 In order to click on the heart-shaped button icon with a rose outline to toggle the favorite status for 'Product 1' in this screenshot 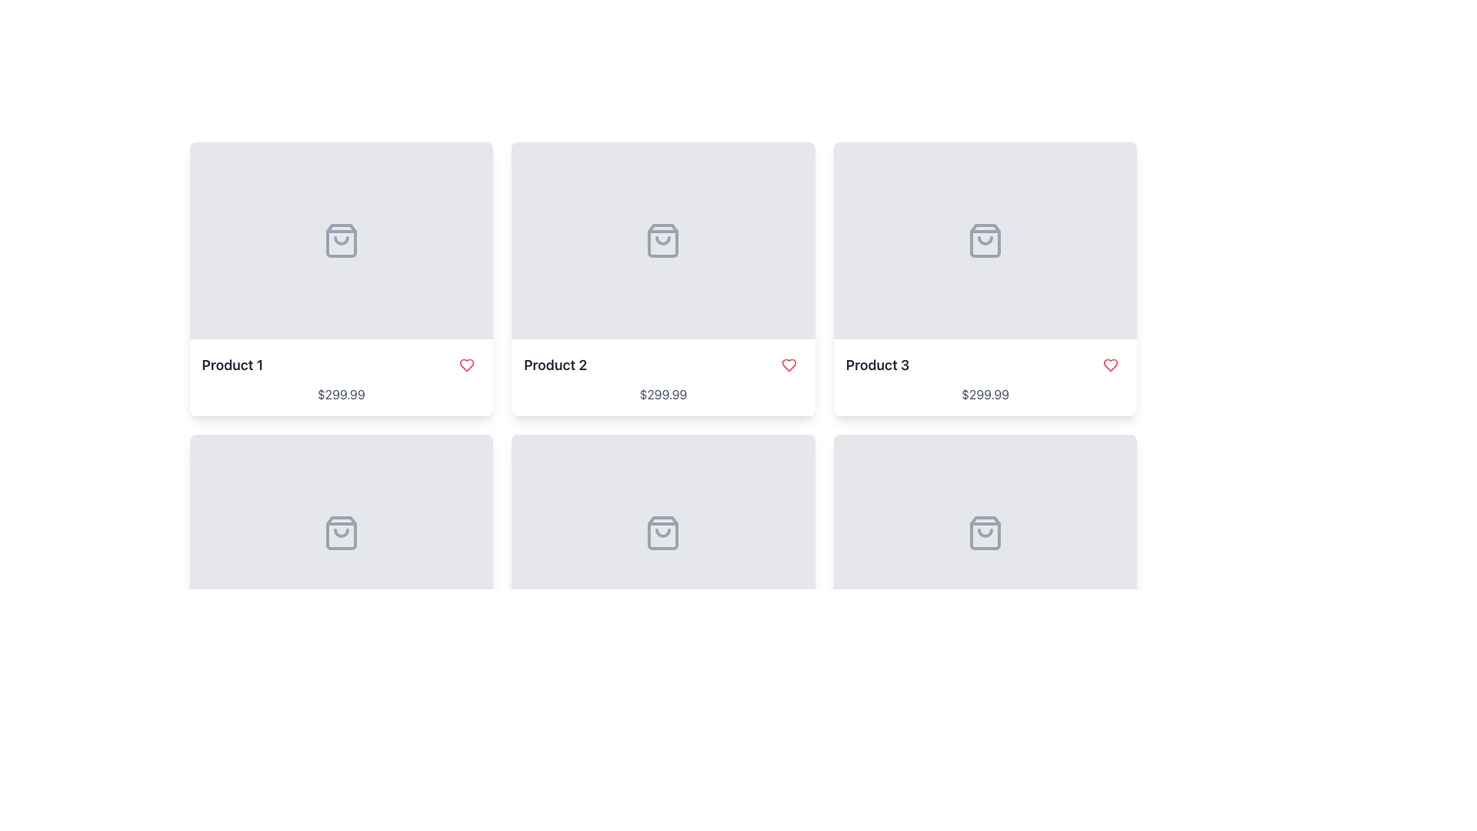, I will do `click(465, 365)`.